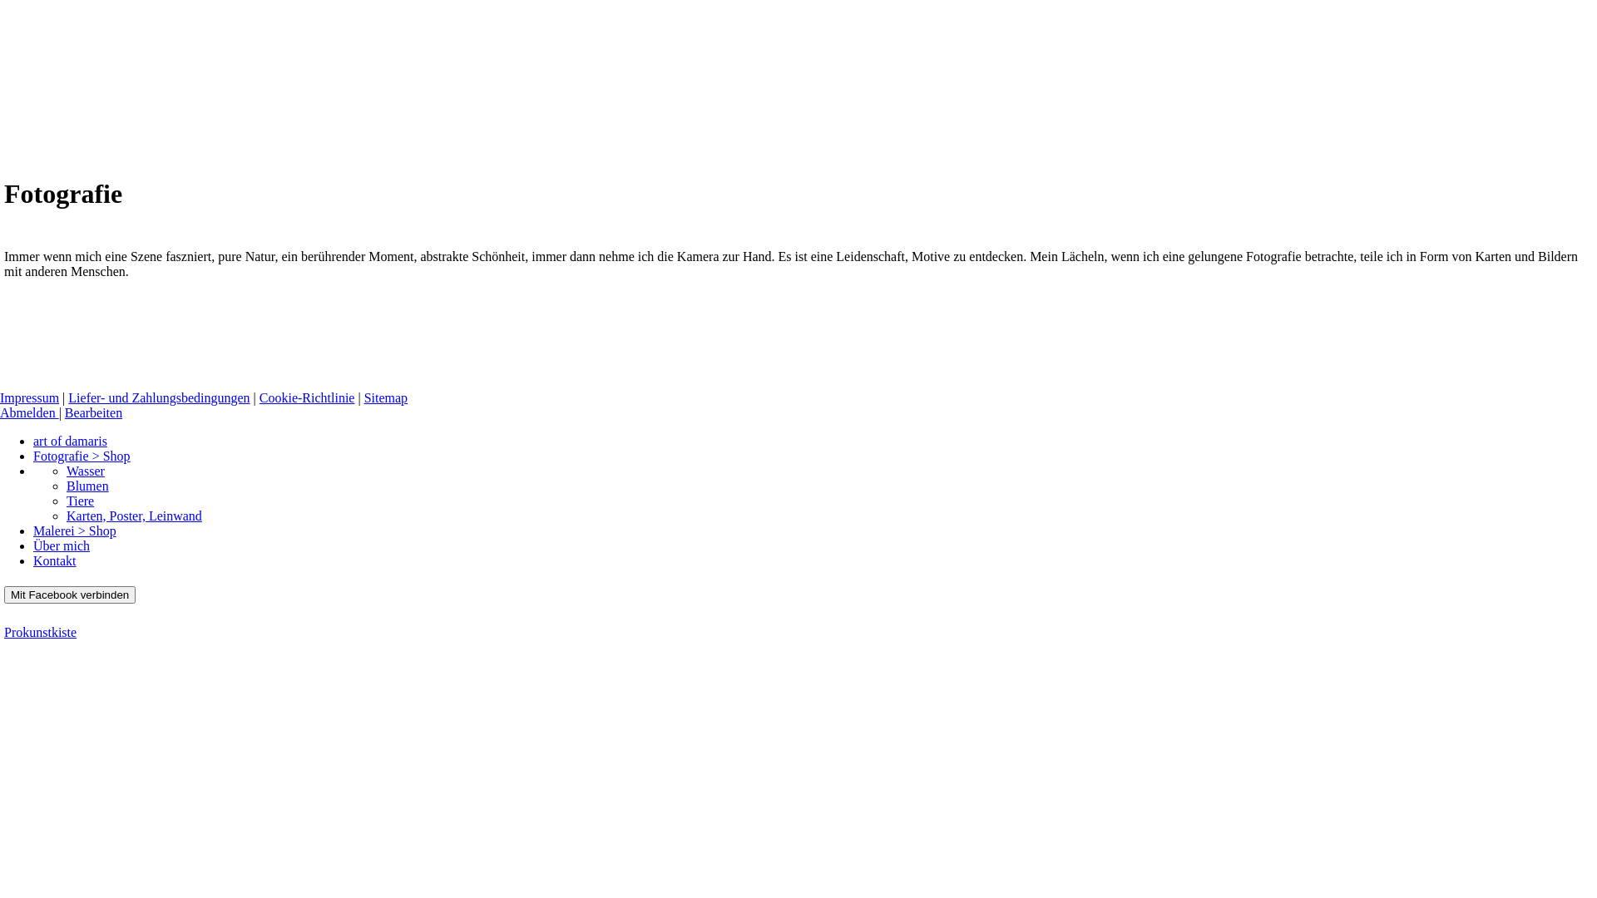 This screenshot has height=898, width=1597. Describe the element at coordinates (67, 397) in the screenshot. I see `'Liefer- und Zahlungsbedingungen'` at that location.